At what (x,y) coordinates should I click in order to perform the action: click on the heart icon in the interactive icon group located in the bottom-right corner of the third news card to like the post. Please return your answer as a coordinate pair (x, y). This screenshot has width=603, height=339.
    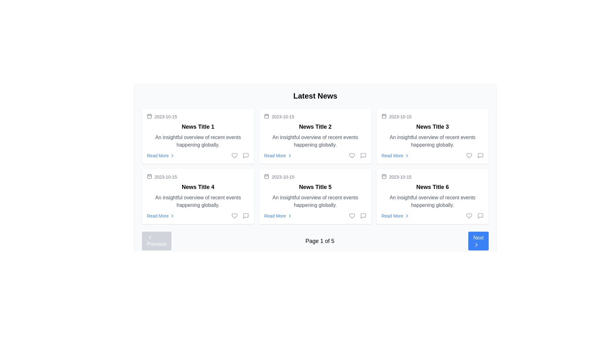
    Looking at the image, I should click on (475, 155).